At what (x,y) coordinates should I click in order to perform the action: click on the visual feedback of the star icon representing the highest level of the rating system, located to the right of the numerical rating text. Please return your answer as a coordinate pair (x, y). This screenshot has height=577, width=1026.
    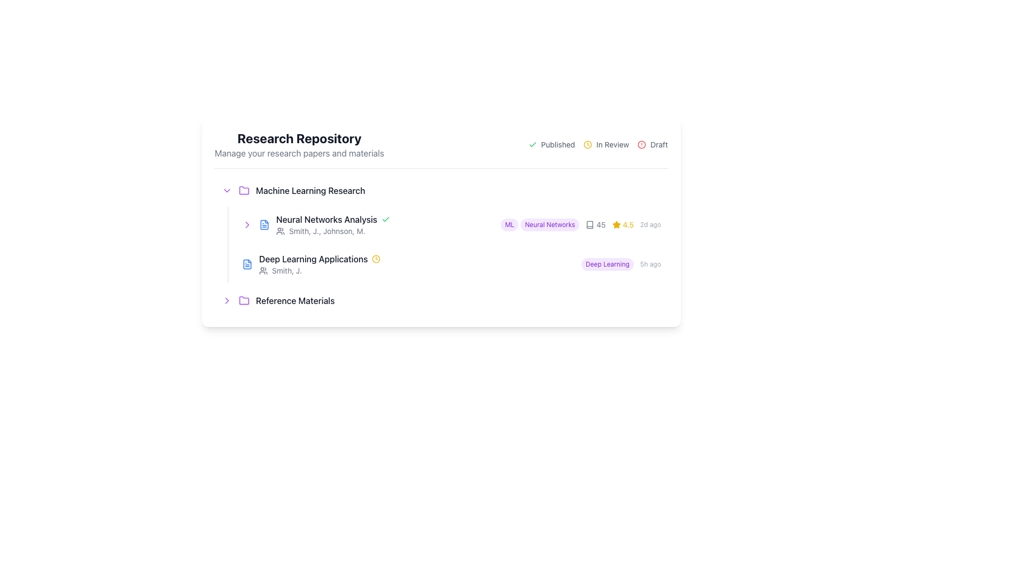
    Looking at the image, I should click on (616, 224).